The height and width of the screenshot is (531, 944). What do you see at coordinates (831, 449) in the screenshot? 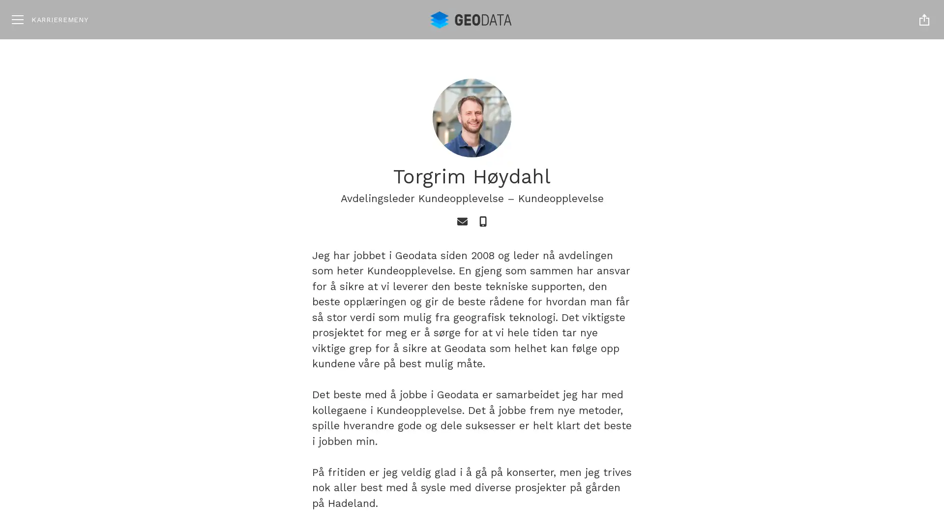
I see `Deaktivere alle` at bounding box center [831, 449].